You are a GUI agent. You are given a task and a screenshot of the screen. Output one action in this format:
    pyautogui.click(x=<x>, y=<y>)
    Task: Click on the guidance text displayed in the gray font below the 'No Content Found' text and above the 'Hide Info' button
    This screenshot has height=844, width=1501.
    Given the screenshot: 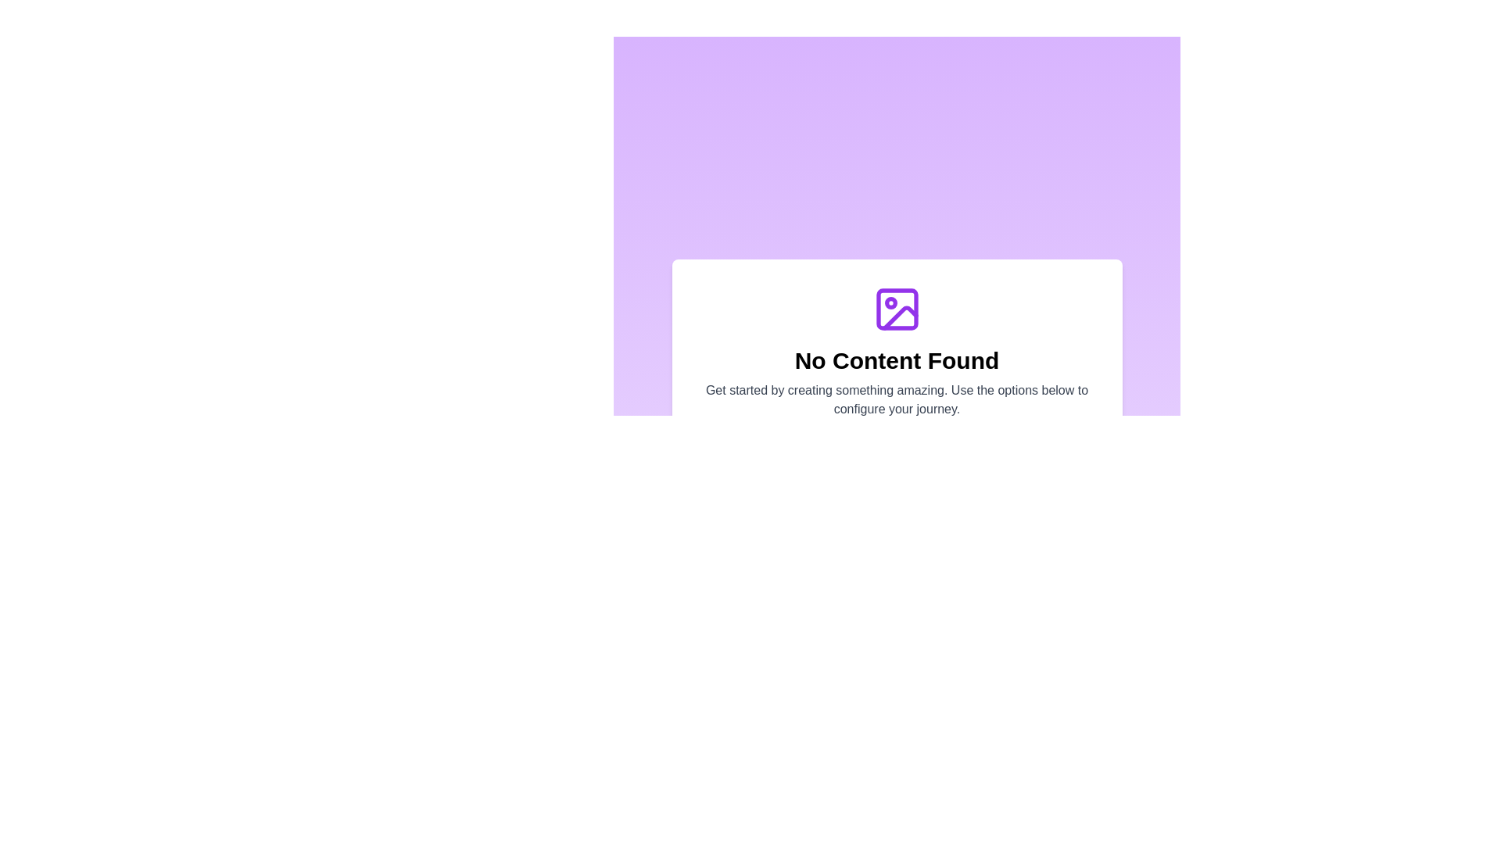 What is the action you would take?
    pyautogui.click(x=897, y=399)
    